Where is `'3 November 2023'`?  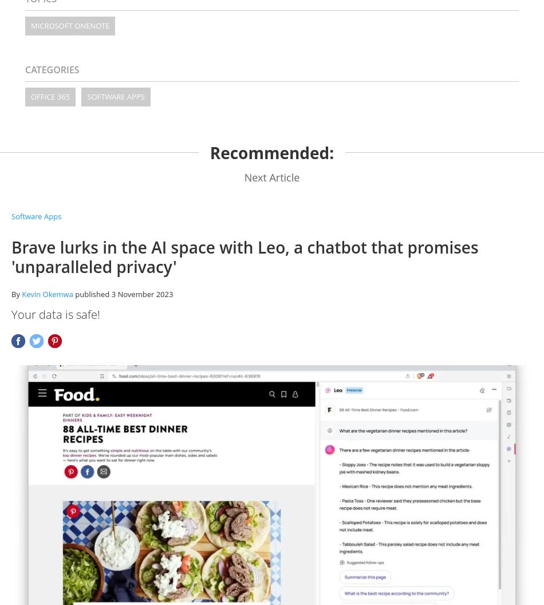
'3 November 2023' is located at coordinates (141, 293).